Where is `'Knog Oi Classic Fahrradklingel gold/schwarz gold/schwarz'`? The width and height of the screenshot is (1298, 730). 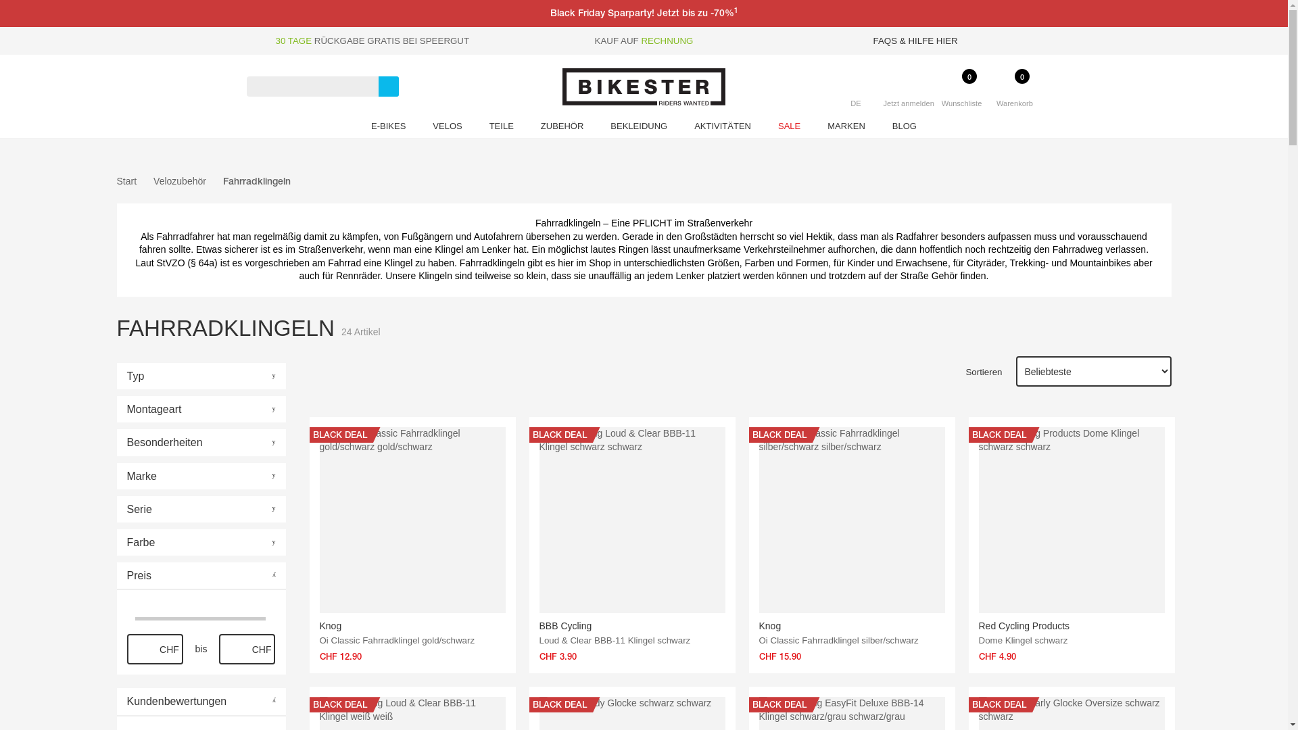 'Knog Oi Classic Fahrradklingel gold/schwarz gold/schwarz' is located at coordinates (411, 519).